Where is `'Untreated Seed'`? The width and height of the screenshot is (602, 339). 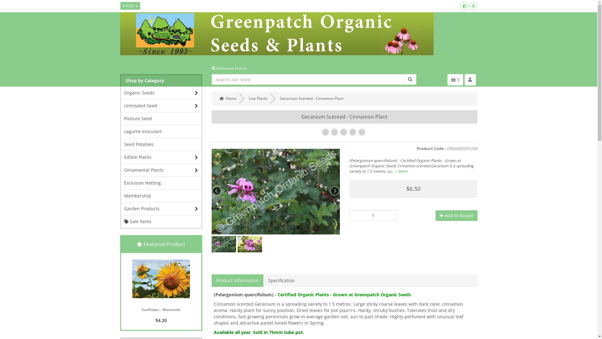
'Untreated Seed' is located at coordinates (161, 105).